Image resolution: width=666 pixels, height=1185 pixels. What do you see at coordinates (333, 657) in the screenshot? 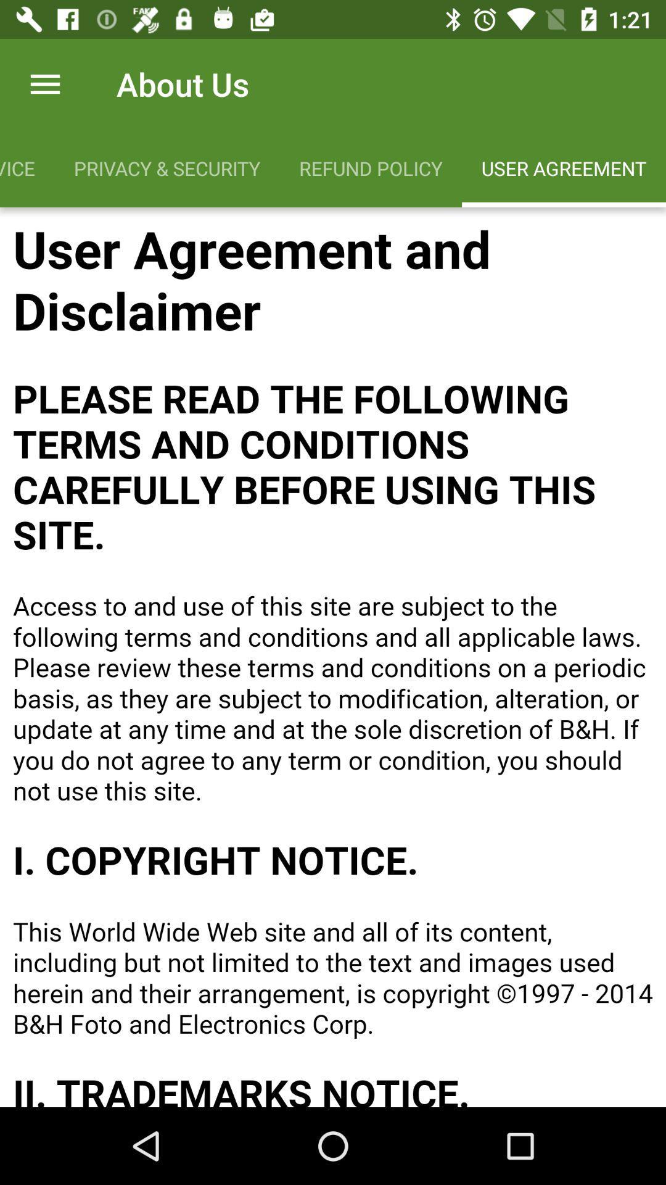
I see `scroll up/down` at bounding box center [333, 657].